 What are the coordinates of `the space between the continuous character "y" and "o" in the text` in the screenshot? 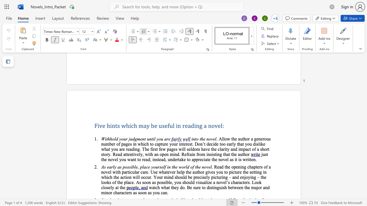 It's located at (155, 193).